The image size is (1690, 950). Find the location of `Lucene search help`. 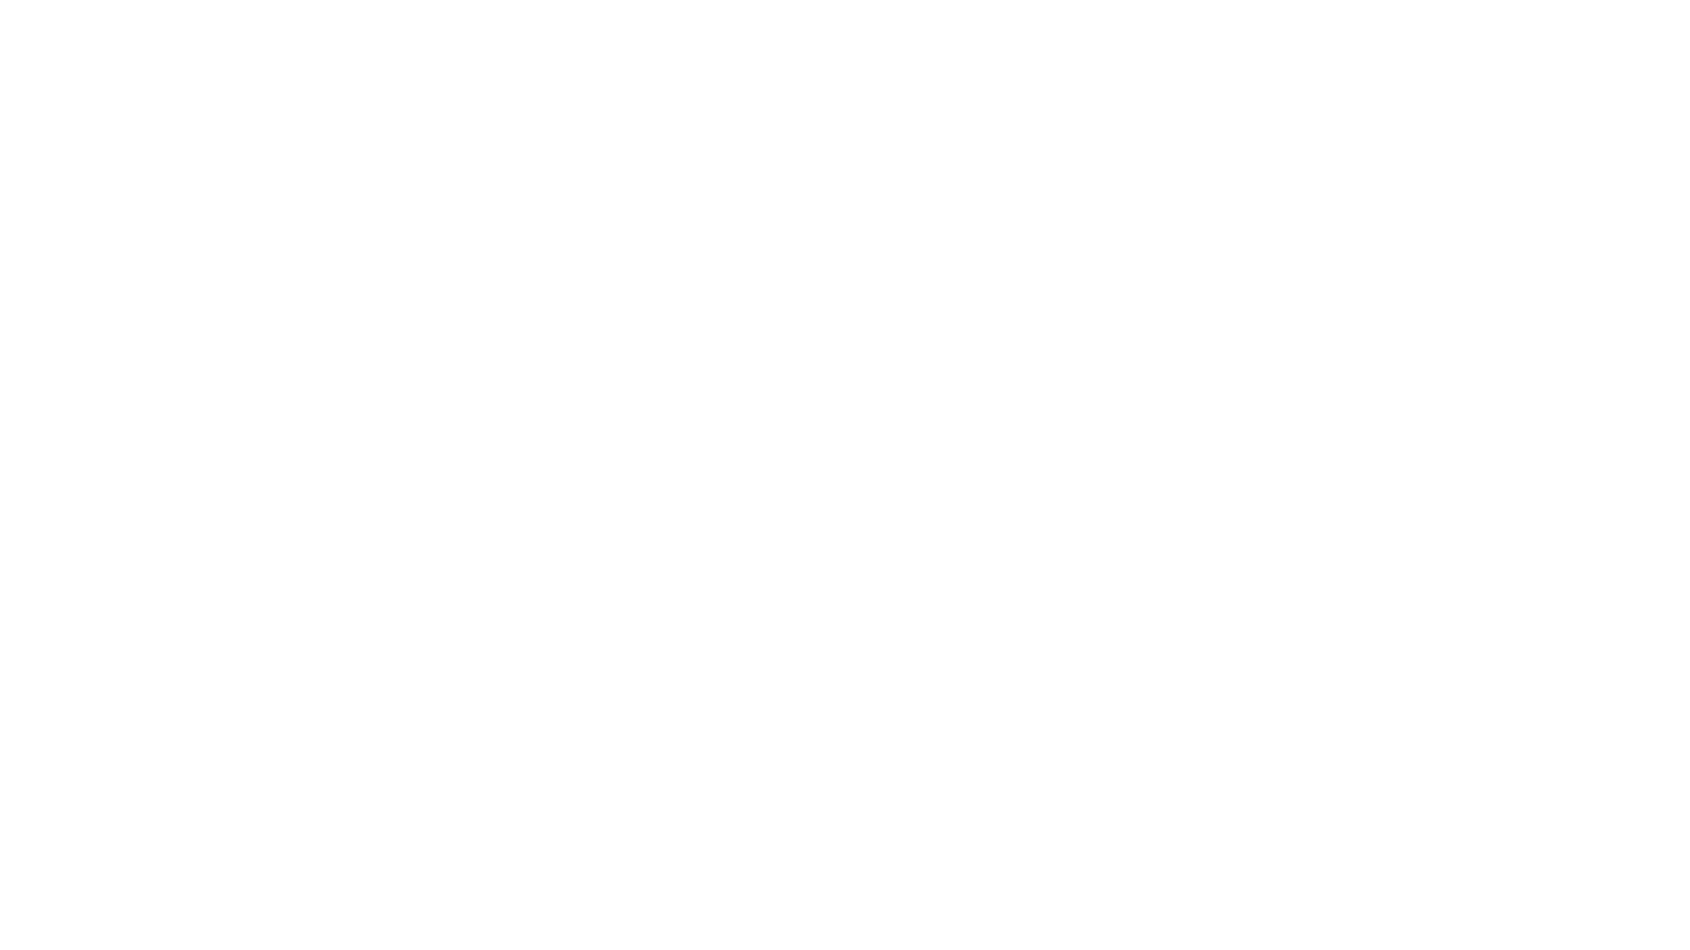

Lucene search help is located at coordinates (1192, 318).